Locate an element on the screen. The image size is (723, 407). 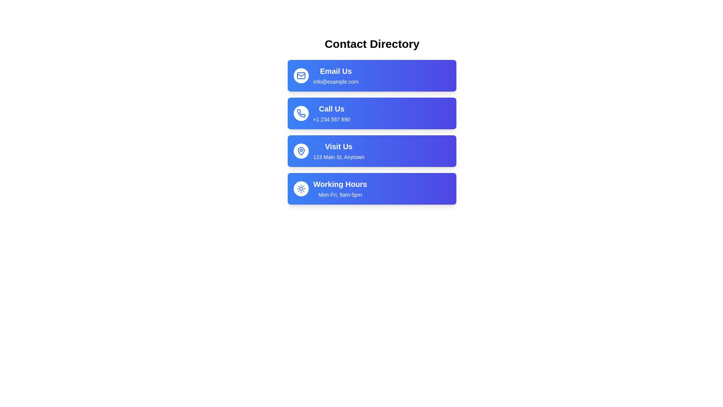
the static text label component displaying 'Call Us' which is located in a blue rectangular box with rounded corners, positioned above the text '+1 234 567 890' in the second blue card of the contact options is located at coordinates (331, 109).